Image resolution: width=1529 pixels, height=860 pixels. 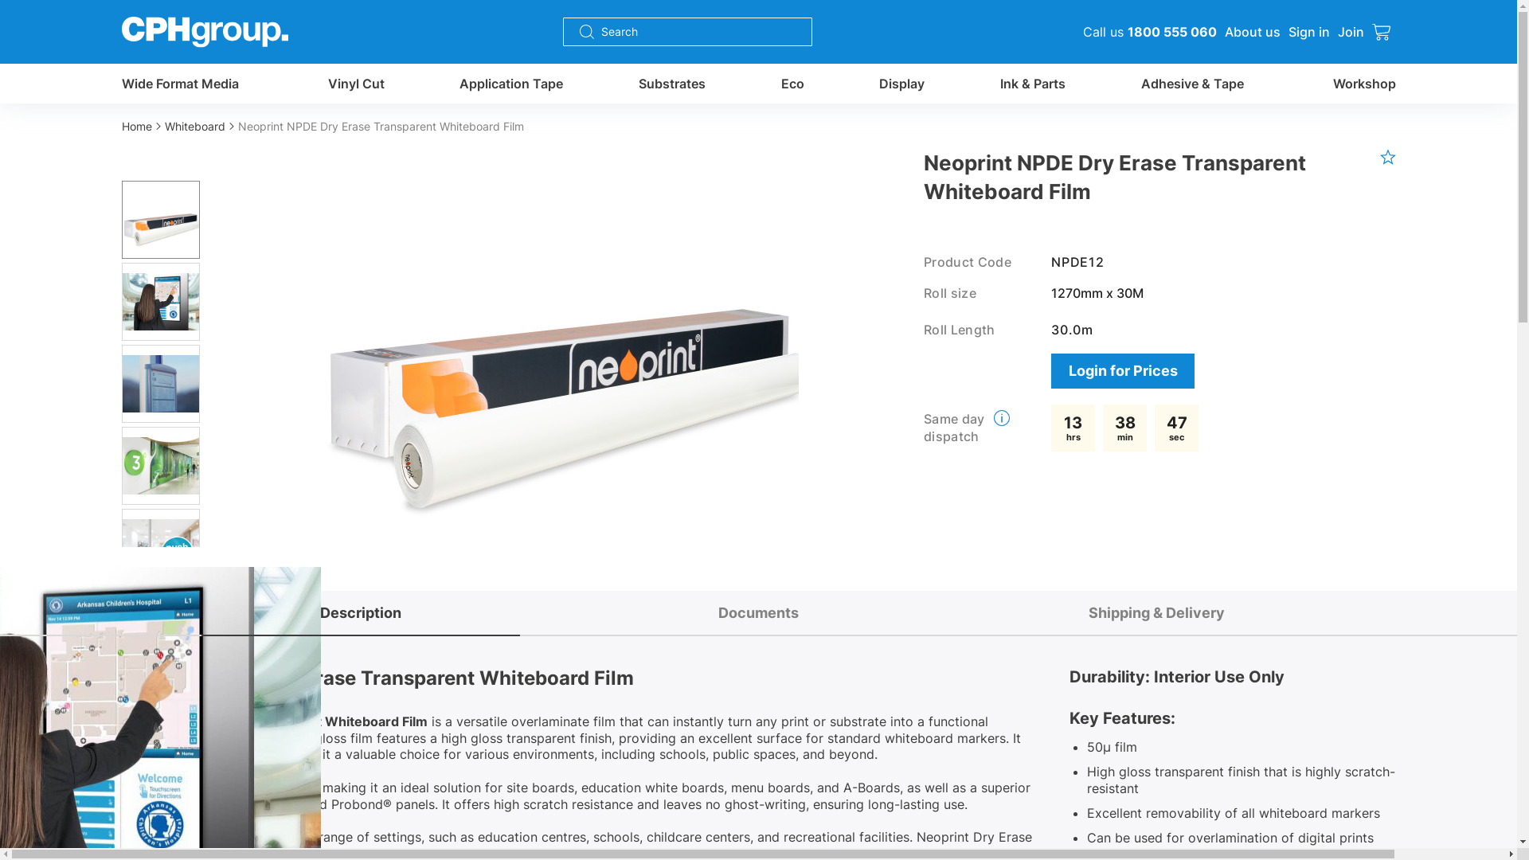 What do you see at coordinates (1122, 371) in the screenshot?
I see `'Login for Prices'` at bounding box center [1122, 371].